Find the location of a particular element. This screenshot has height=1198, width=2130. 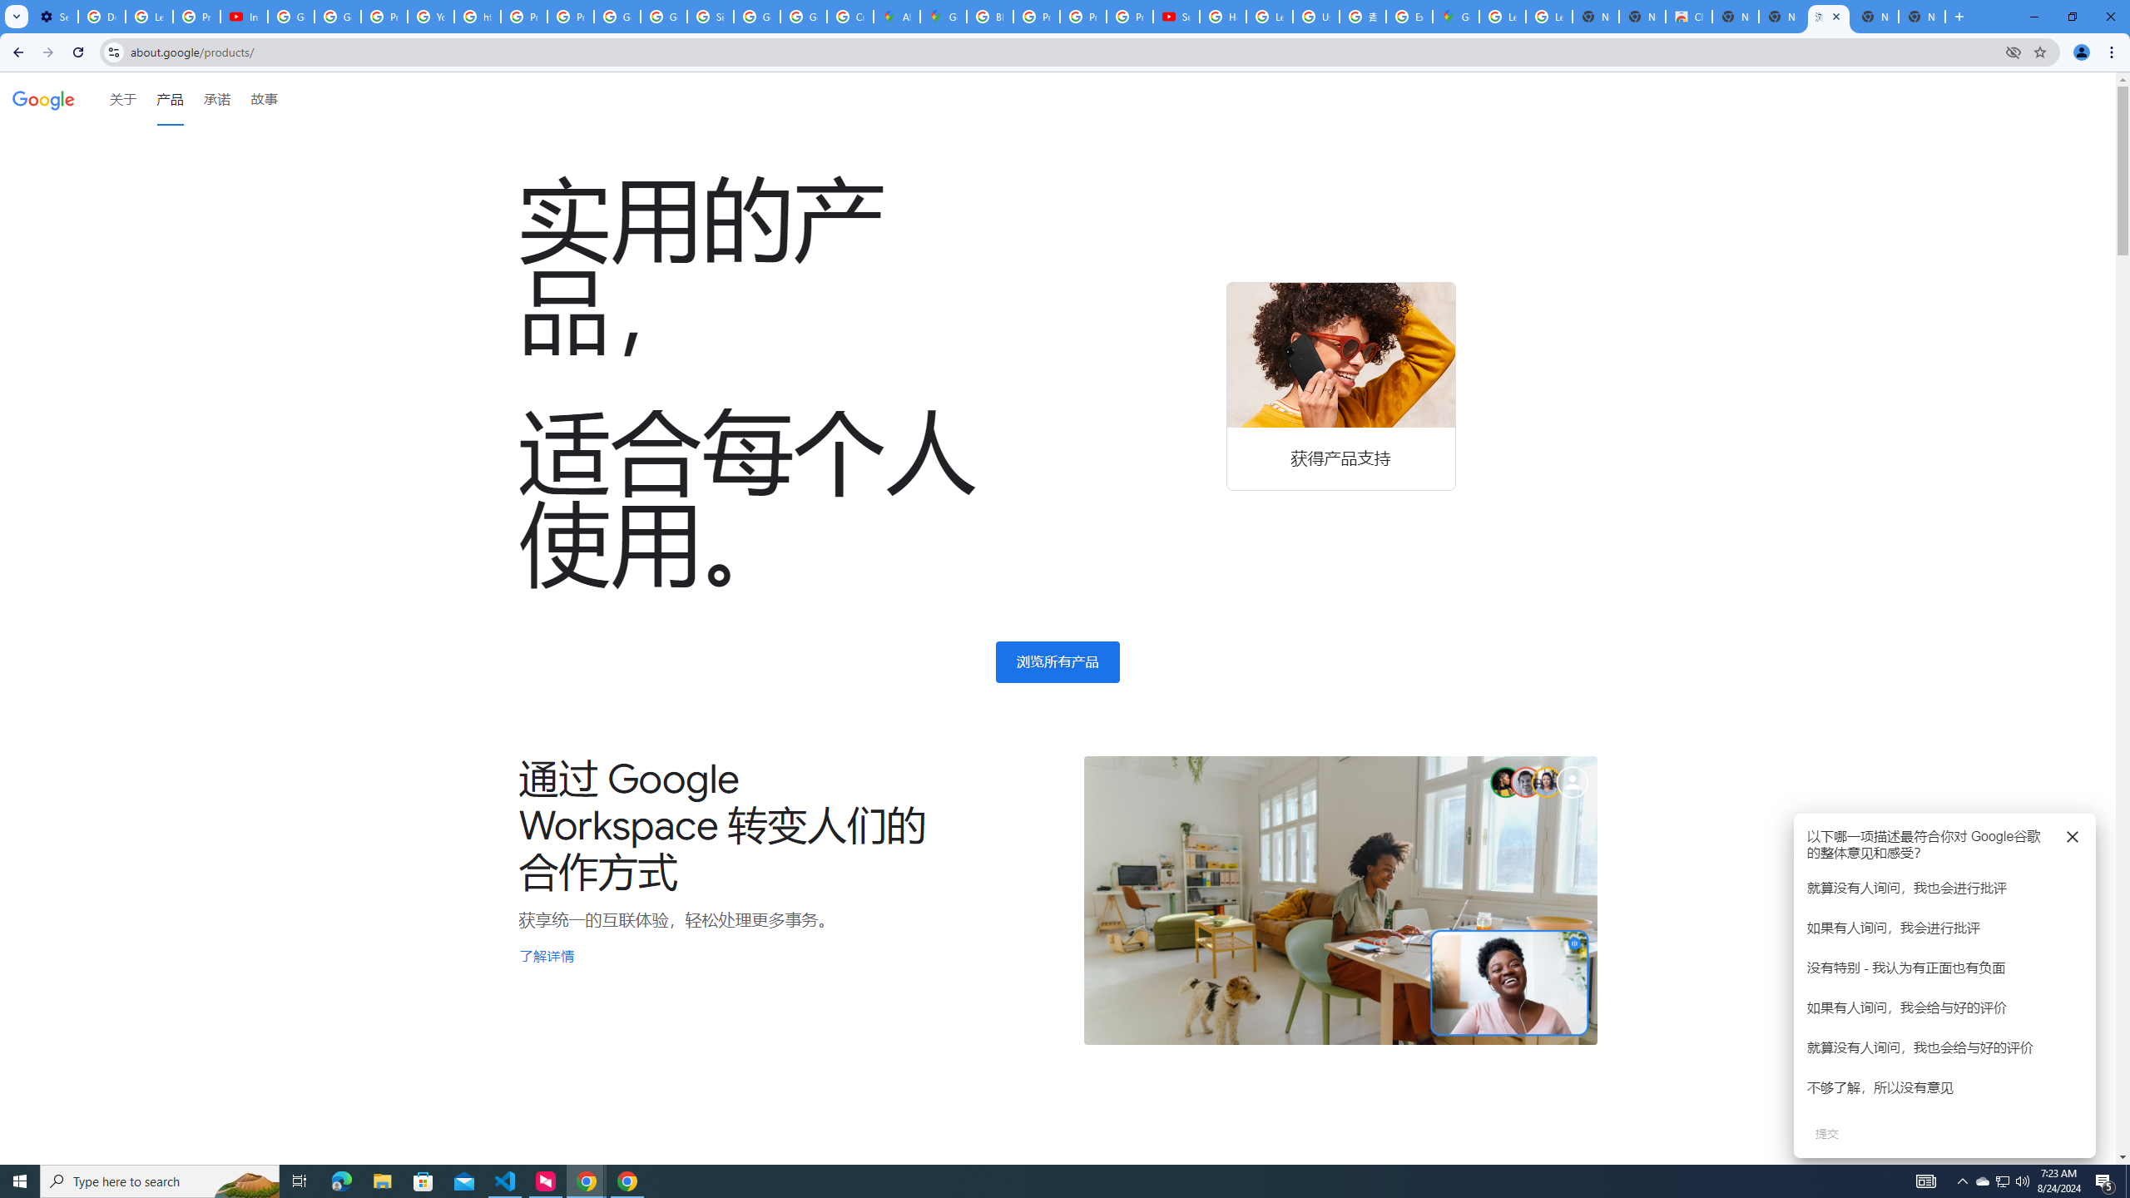

'New Tab' is located at coordinates (1922, 16).